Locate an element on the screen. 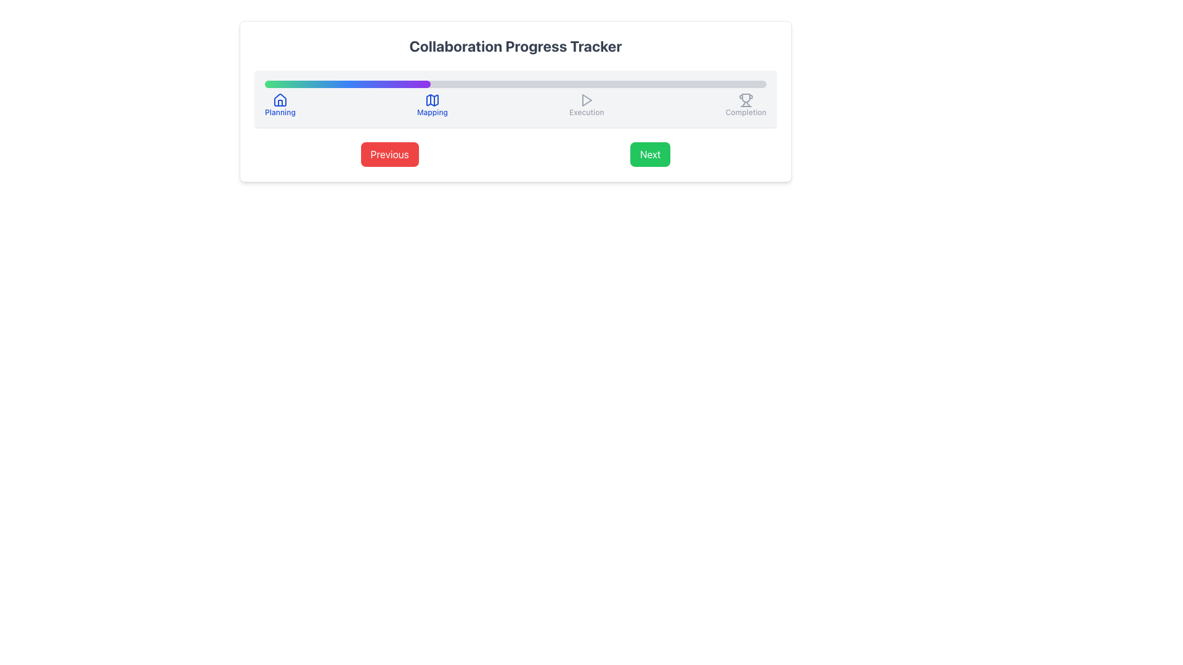 The height and width of the screenshot is (665, 1183). the current state of the Progress Tracker, which visually depicts completed and remaining stages of the workflow, located below the 'Collaboration Progress Tracker' title is located at coordinates (515, 104).